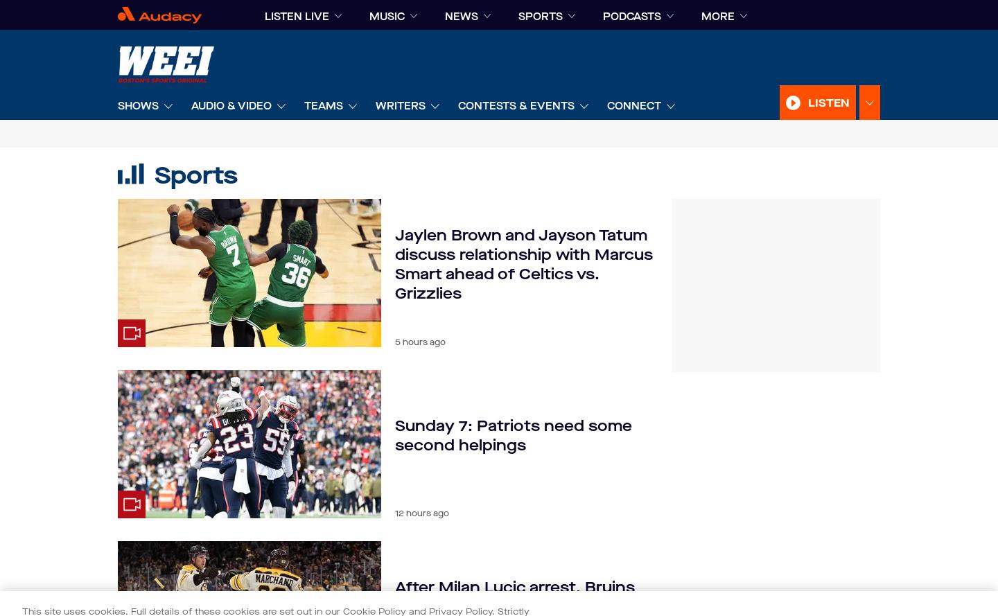  I want to click on 'Writers', so click(401, 105).